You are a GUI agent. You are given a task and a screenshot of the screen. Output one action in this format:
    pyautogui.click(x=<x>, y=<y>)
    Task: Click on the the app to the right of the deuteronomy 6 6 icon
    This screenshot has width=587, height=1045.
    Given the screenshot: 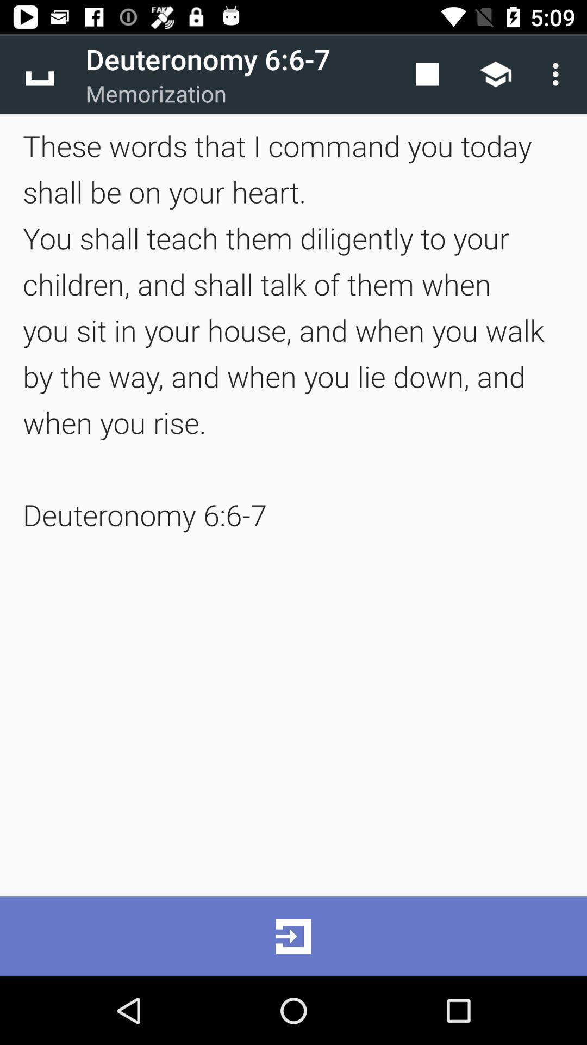 What is the action you would take?
    pyautogui.click(x=427, y=73)
    